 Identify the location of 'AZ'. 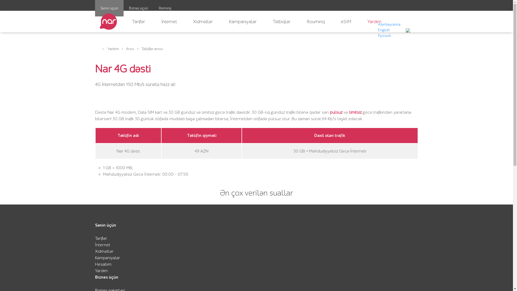
(366, 30).